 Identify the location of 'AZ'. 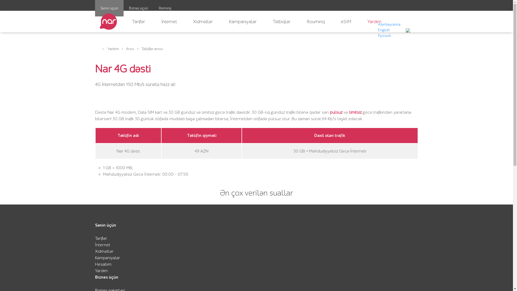
(366, 30).